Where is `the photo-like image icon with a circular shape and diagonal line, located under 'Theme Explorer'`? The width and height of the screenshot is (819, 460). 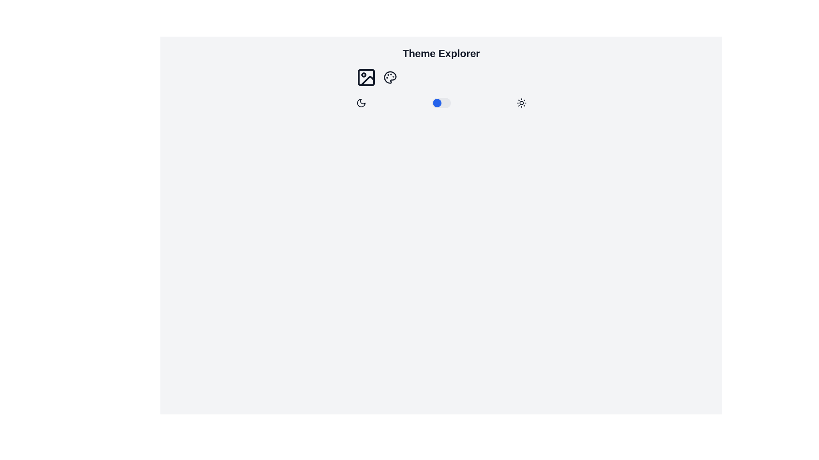
the photo-like image icon with a circular shape and diagonal line, located under 'Theme Explorer' is located at coordinates (366, 77).